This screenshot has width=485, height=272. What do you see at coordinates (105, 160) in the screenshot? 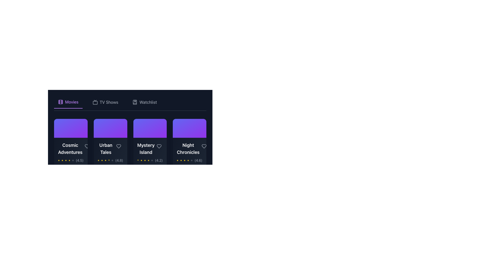
I see `the fourth star icon in the rating mechanism` at bounding box center [105, 160].